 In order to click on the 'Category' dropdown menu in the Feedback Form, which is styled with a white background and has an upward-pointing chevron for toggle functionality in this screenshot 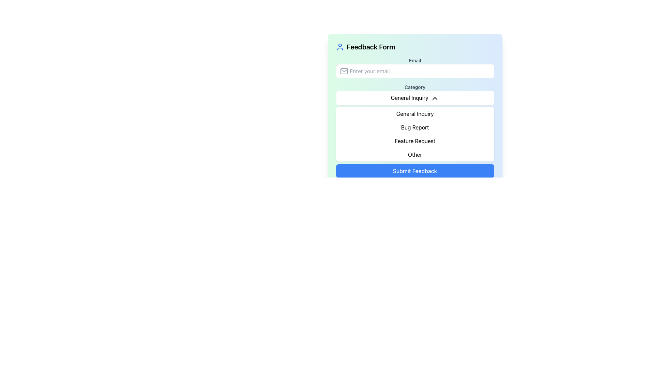, I will do `click(414, 94)`.